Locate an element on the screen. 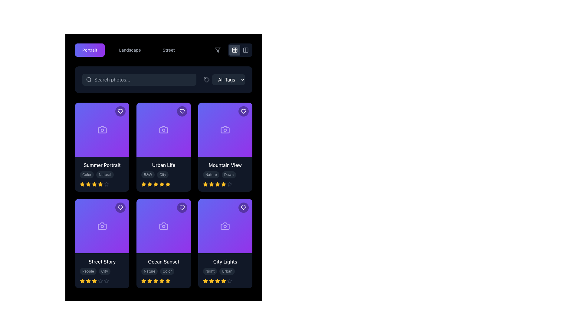 The height and width of the screenshot is (326, 581). the fifth star icon in the 5-star rating system for the 'City Lights' card is located at coordinates (223, 281).